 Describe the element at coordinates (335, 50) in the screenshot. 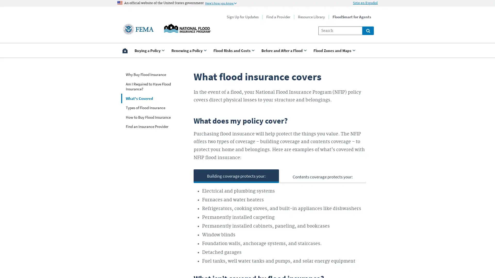

I see `Use <enter> and shift + <enter> to open and close the drop down to sub-menus` at that location.